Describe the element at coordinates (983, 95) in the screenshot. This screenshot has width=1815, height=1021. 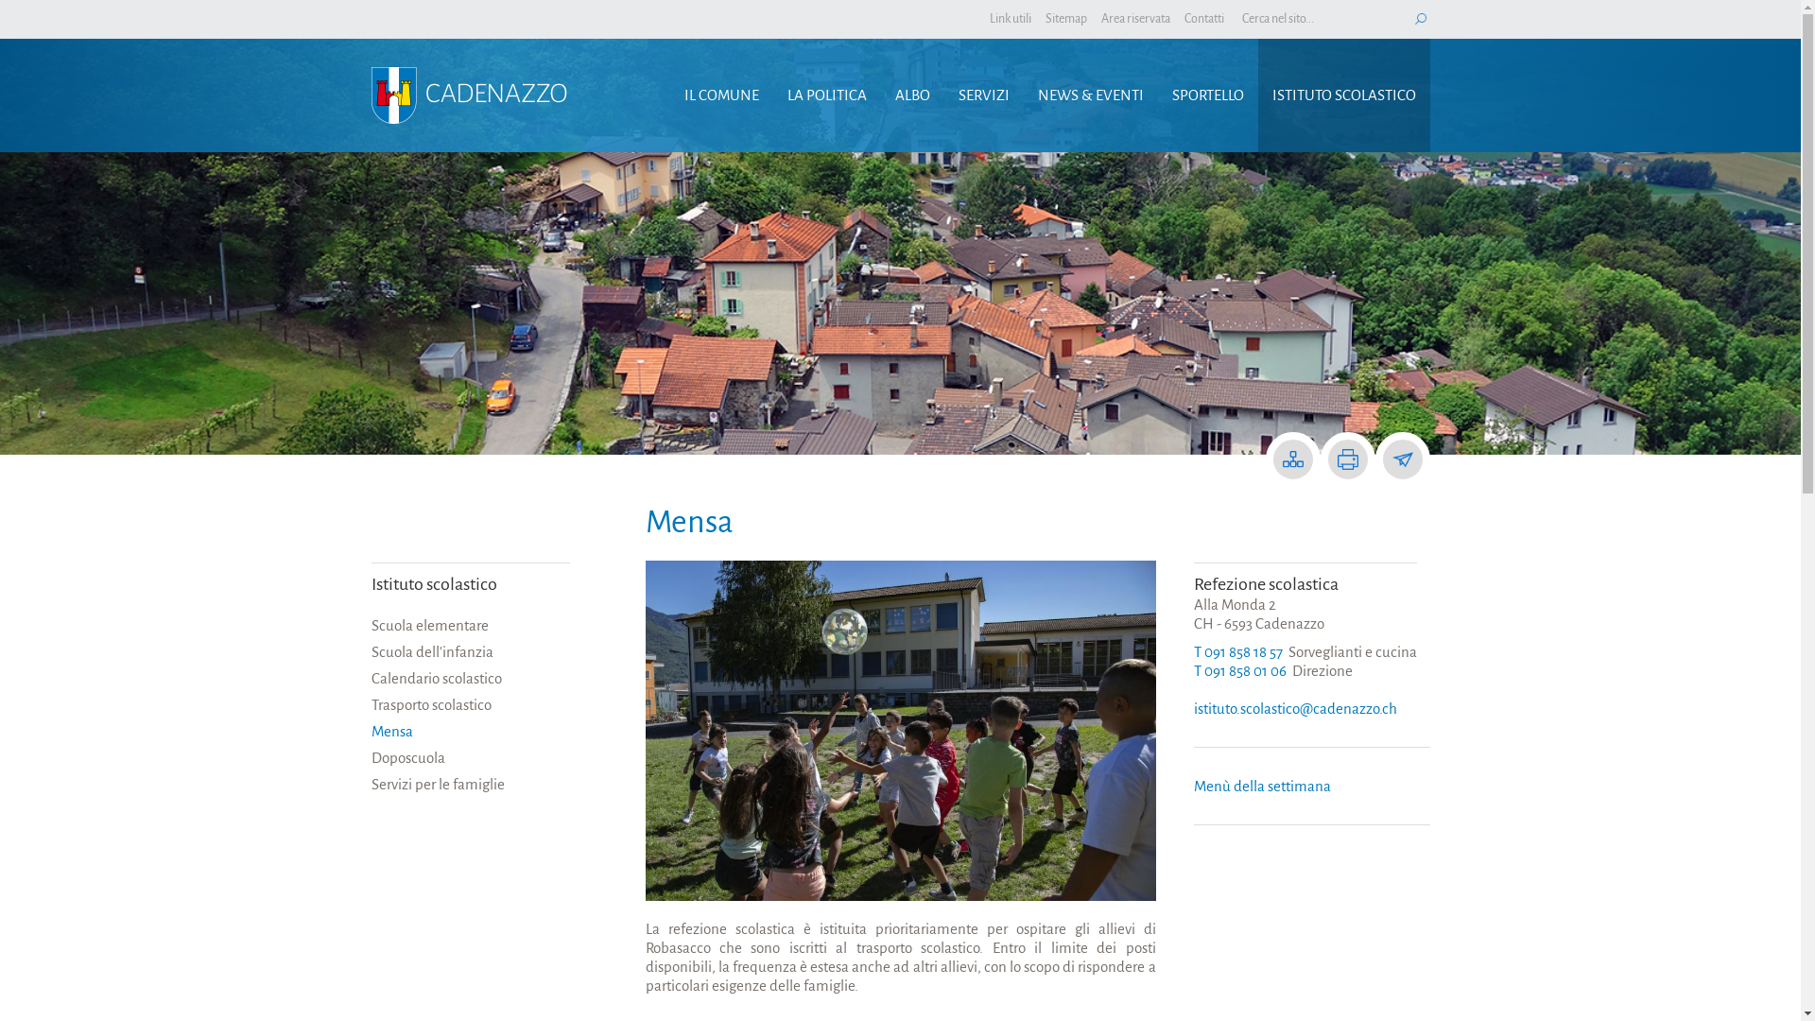
I see `'SERVIZI'` at that location.